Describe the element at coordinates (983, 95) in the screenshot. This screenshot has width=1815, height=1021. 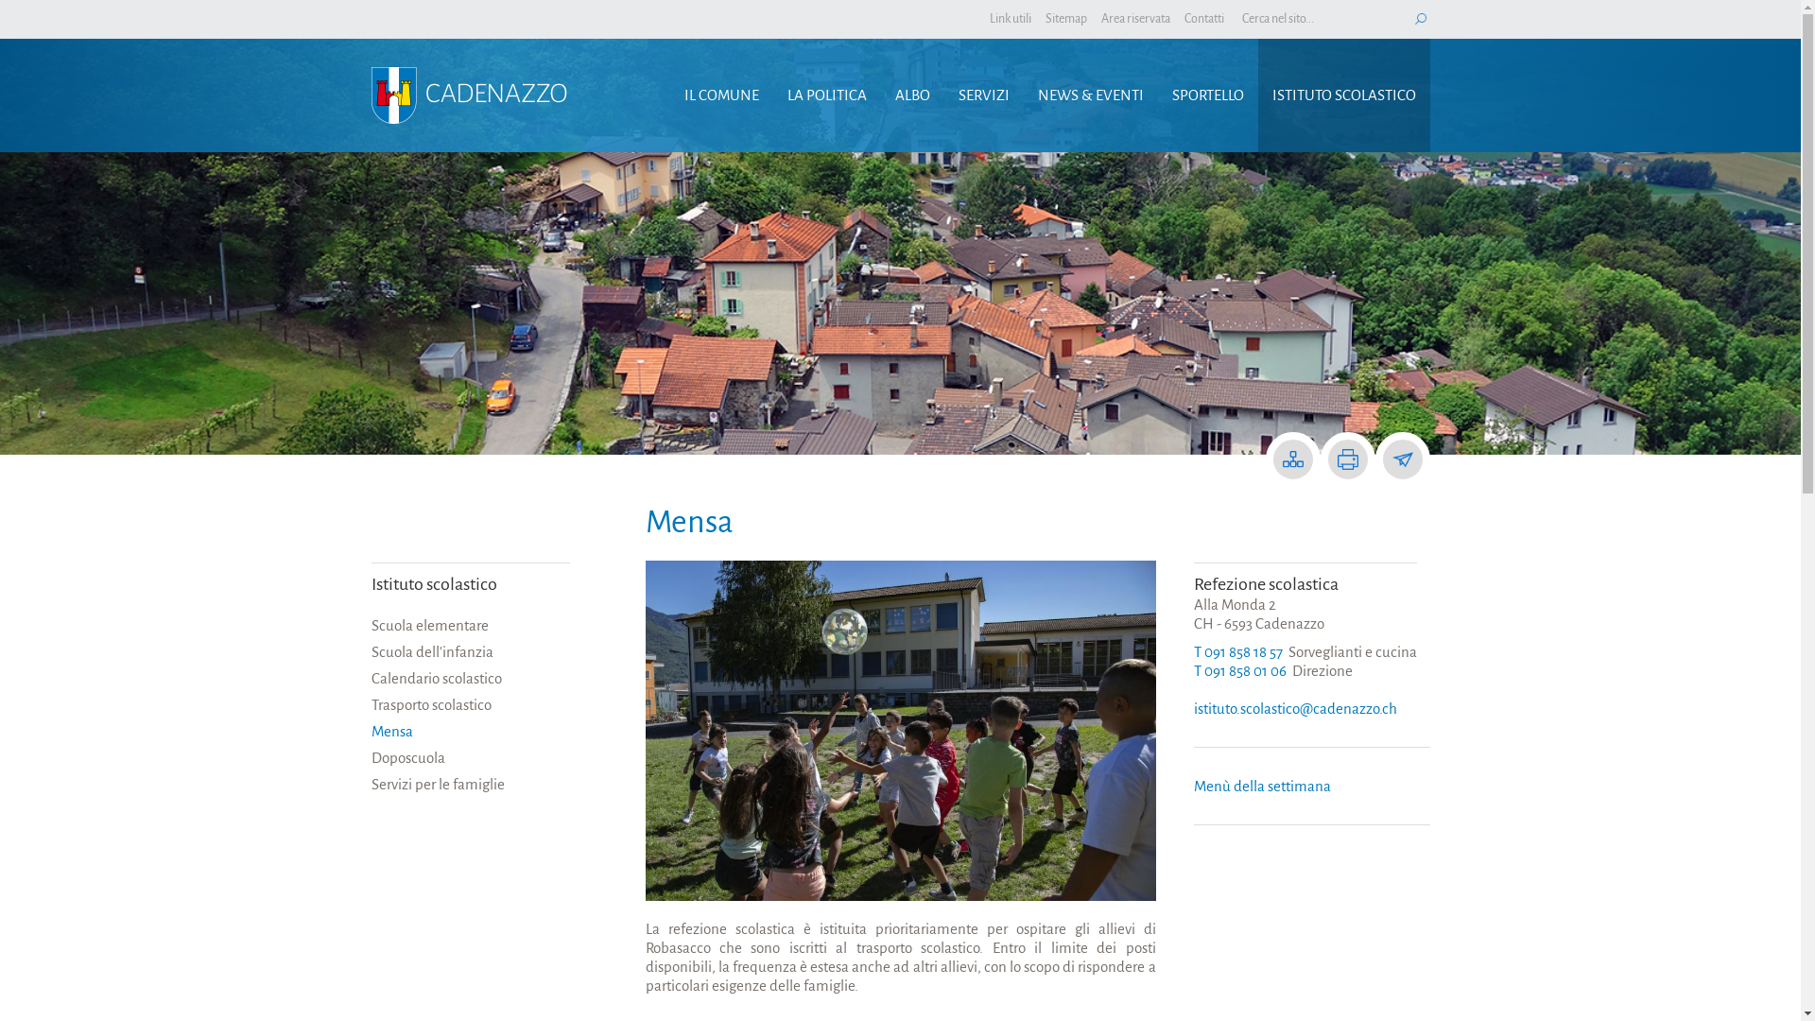
I see `'SERVIZI'` at that location.